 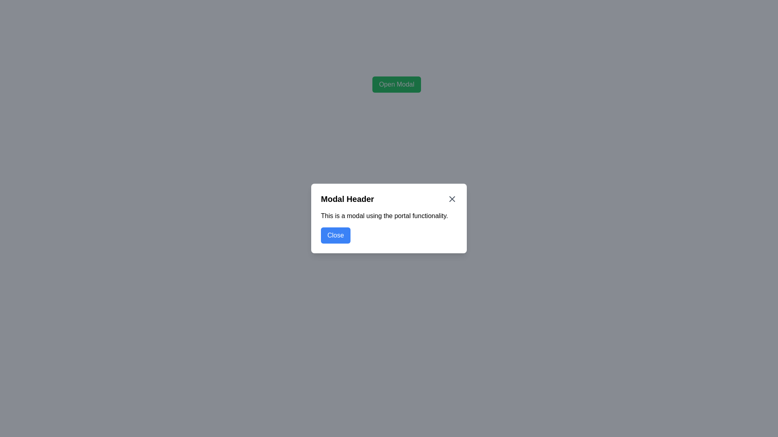 What do you see at coordinates (397, 84) in the screenshot?
I see `the button located near the top-center of the interface to observe the hover effect` at bounding box center [397, 84].